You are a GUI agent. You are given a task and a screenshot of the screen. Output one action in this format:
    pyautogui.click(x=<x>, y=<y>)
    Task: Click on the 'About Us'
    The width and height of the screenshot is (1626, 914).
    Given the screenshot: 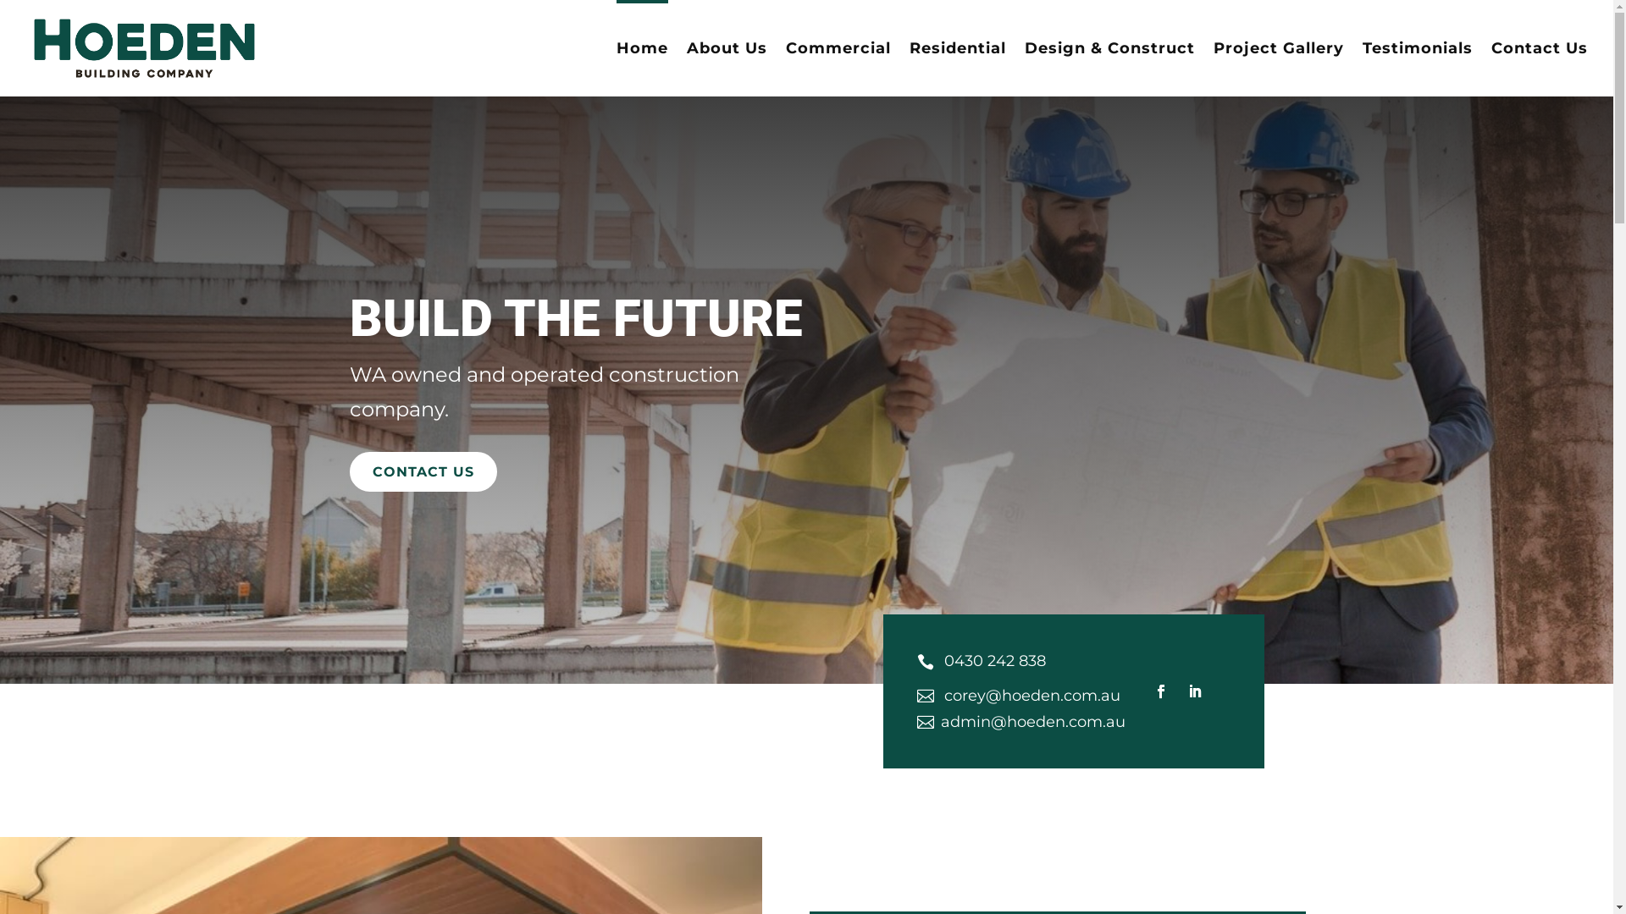 What is the action you would take?
    pyautogui.click(x=727, y=68)
    